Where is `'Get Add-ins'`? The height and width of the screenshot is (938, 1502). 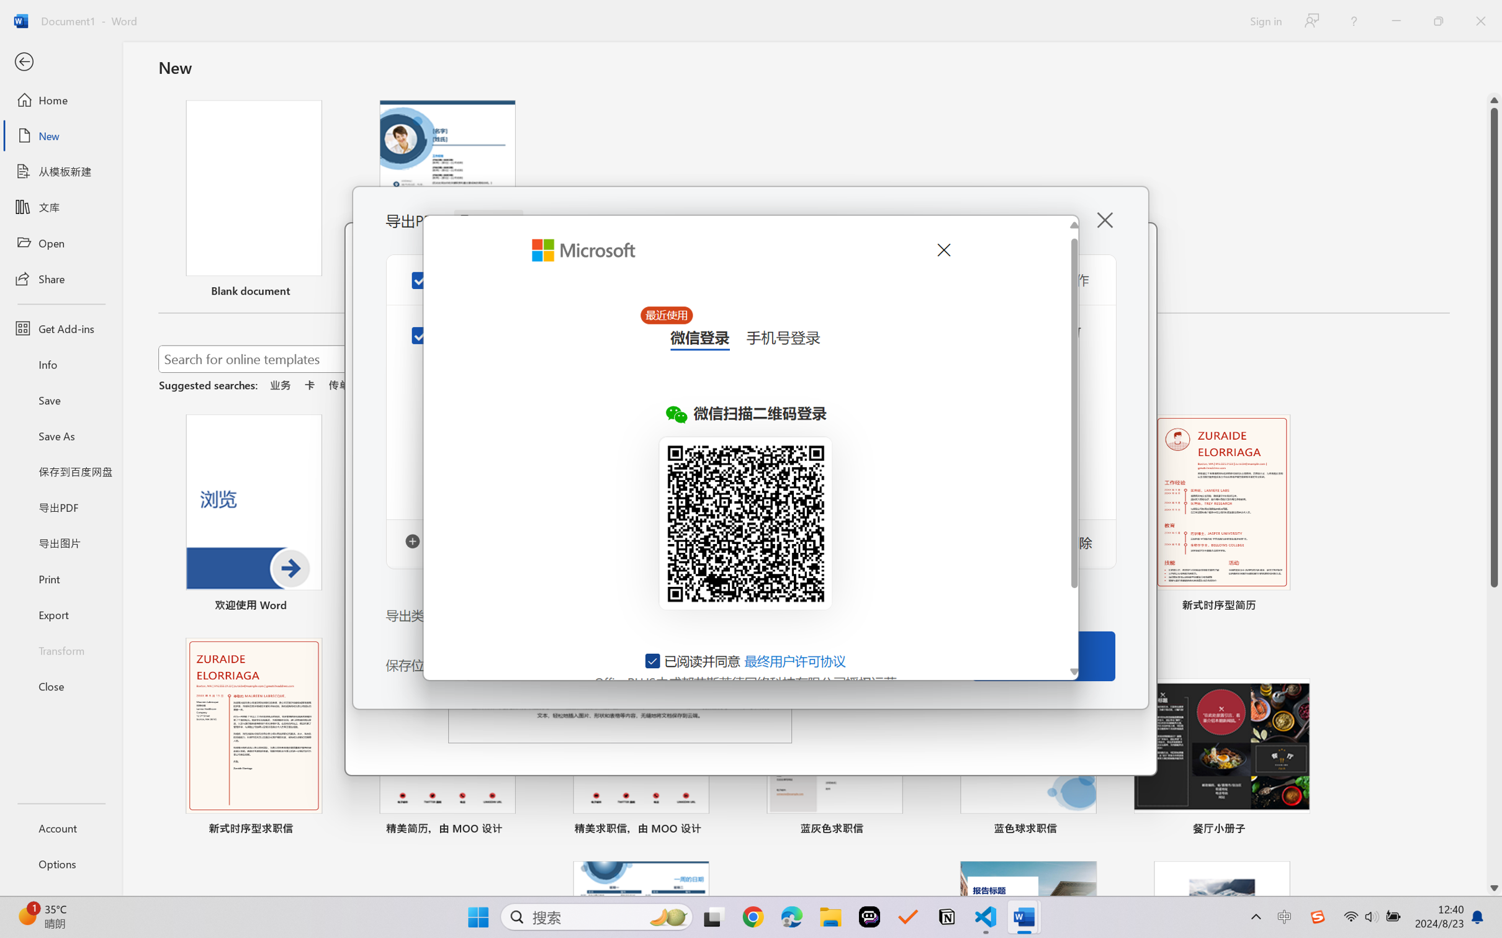
'Get Add-ins' is located at coordinates (60, 328).